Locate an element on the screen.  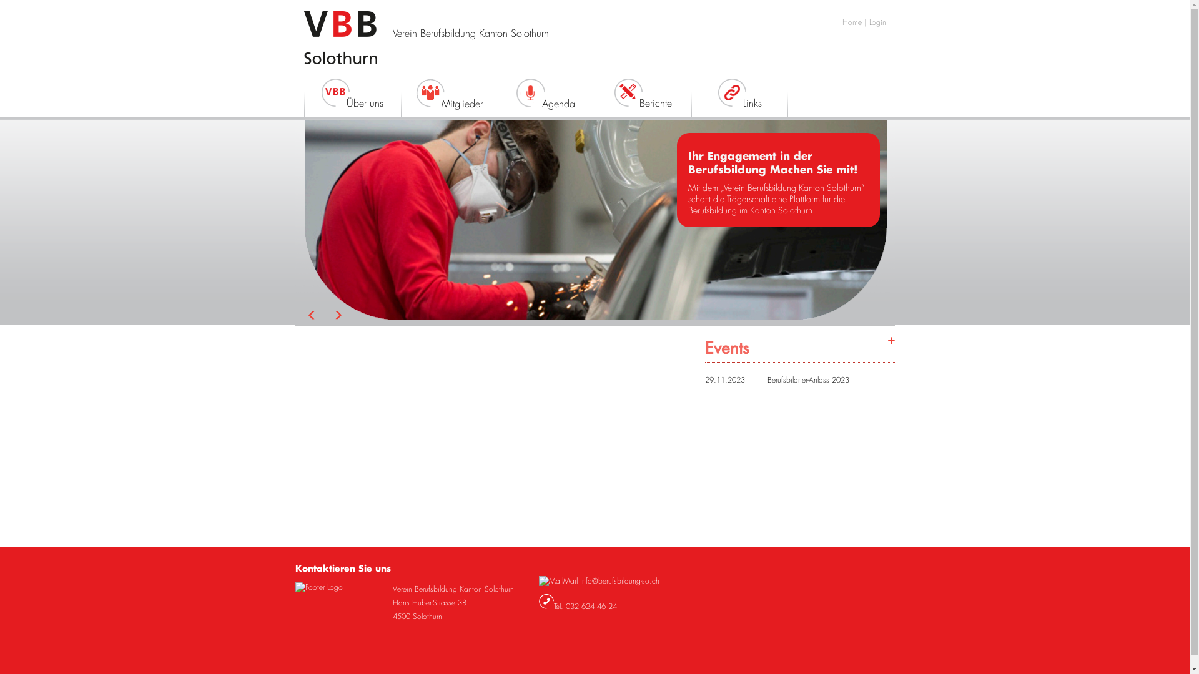
'Mitglieder' is located at coordinates (449, 99).